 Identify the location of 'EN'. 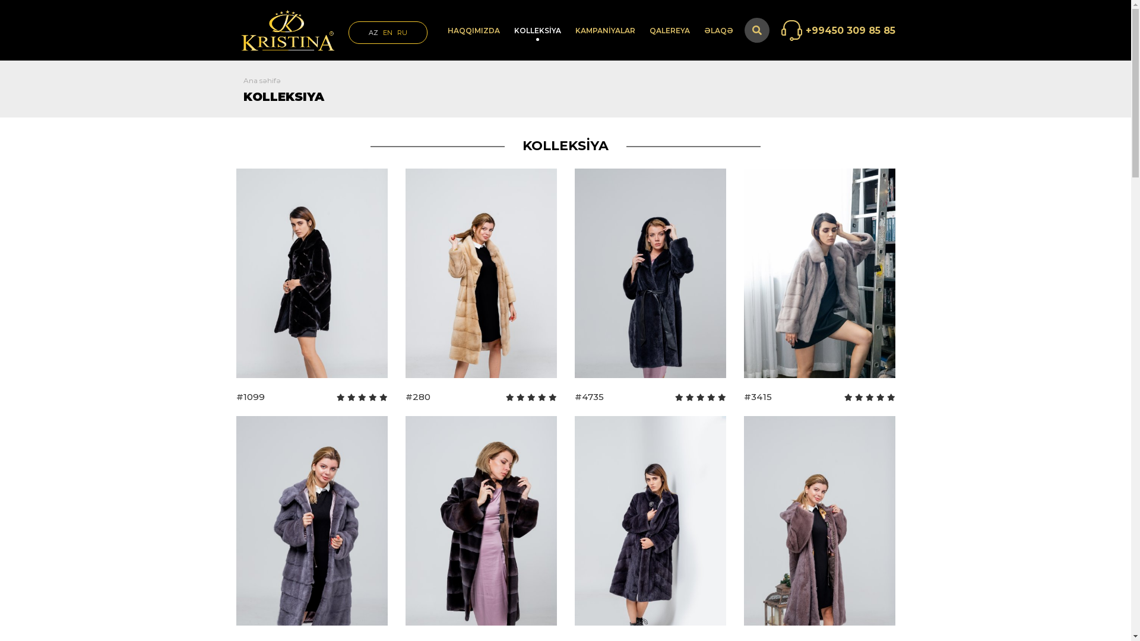
(387, 31).